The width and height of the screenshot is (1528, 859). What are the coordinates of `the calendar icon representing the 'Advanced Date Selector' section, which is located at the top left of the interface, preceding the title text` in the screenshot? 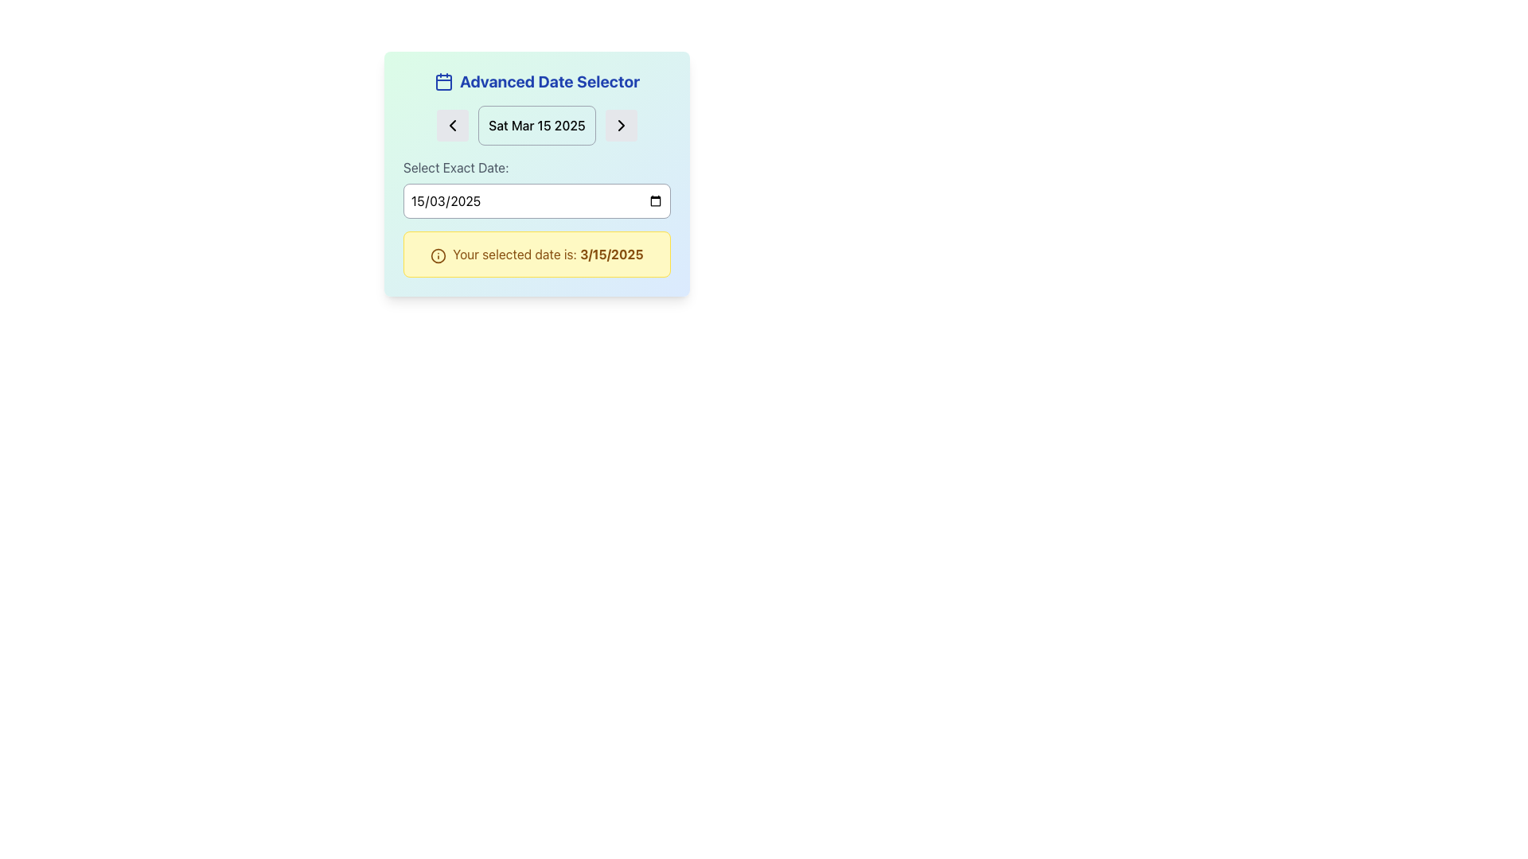 It's located at (443, 82).